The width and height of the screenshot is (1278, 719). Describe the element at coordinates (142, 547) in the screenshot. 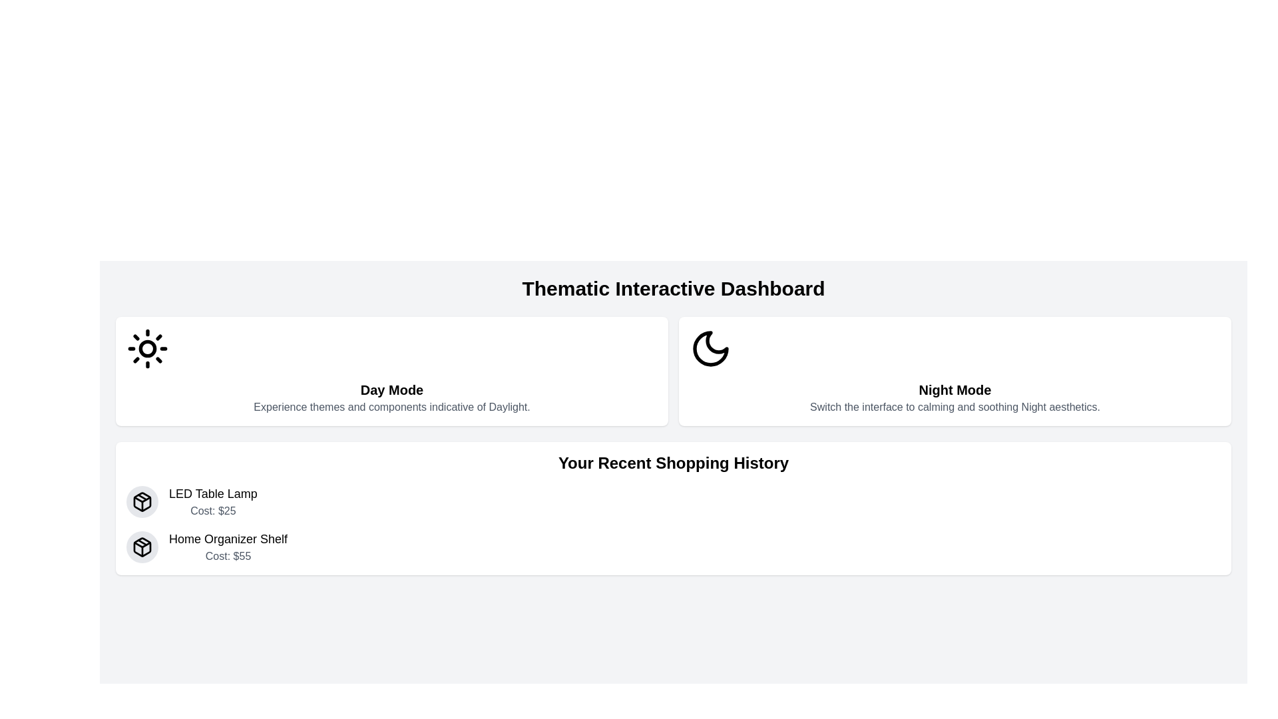

I see `the circular icon with a light gray background and a black outlined package symbol located in the shopping history section, to the left of the text 'Home Organizer Shelf' and 'Cost: $55'` at that location.